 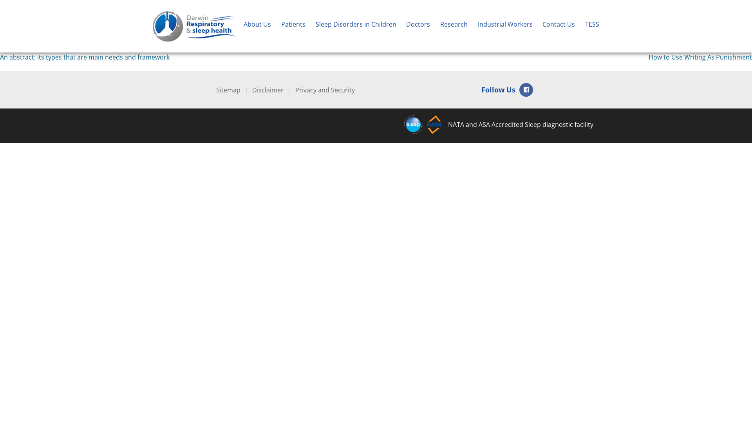 What do you see at coordinates (85, 57) in the screenshot?
I see `'An abstract: its types that are main needs and framework'` at bounding box center [85, 57].